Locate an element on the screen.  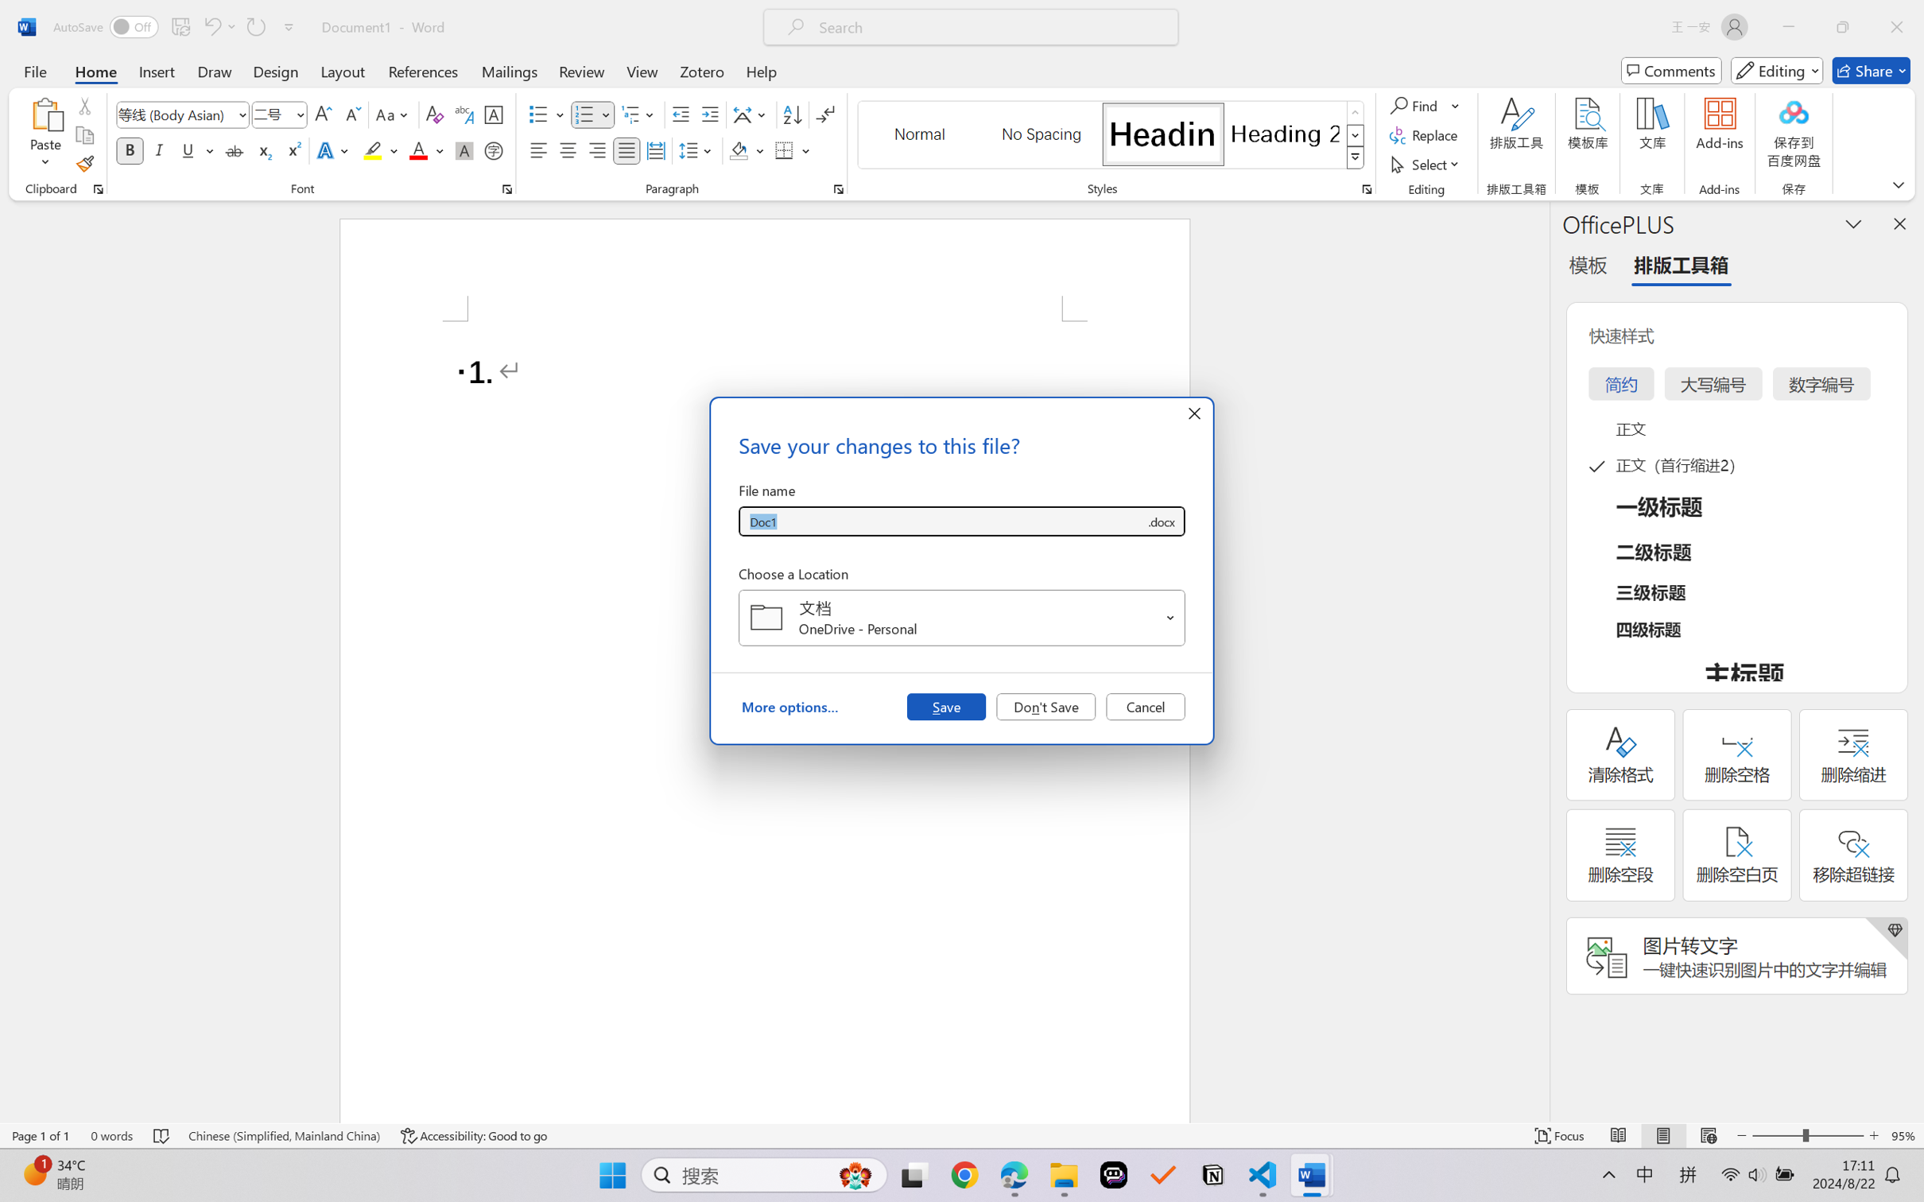
'Save as type' is located at coordinates (1160, 522).